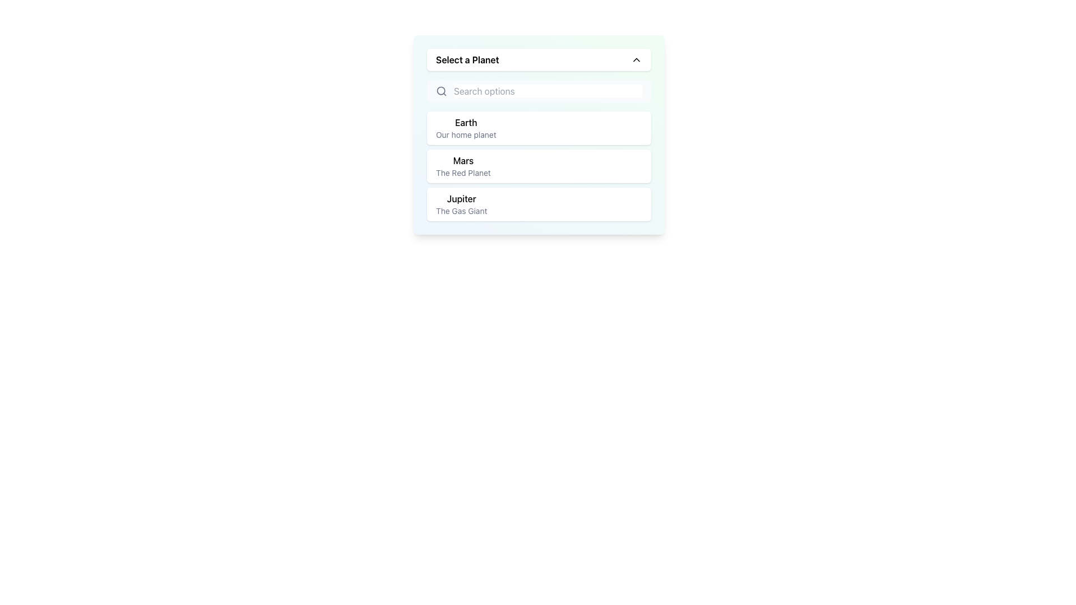 This screenshot has height=605, width=1076. I want to click on the selection option block representing the planet Mars, which is the second item in a vertical list of planet options, so click(539, 166).